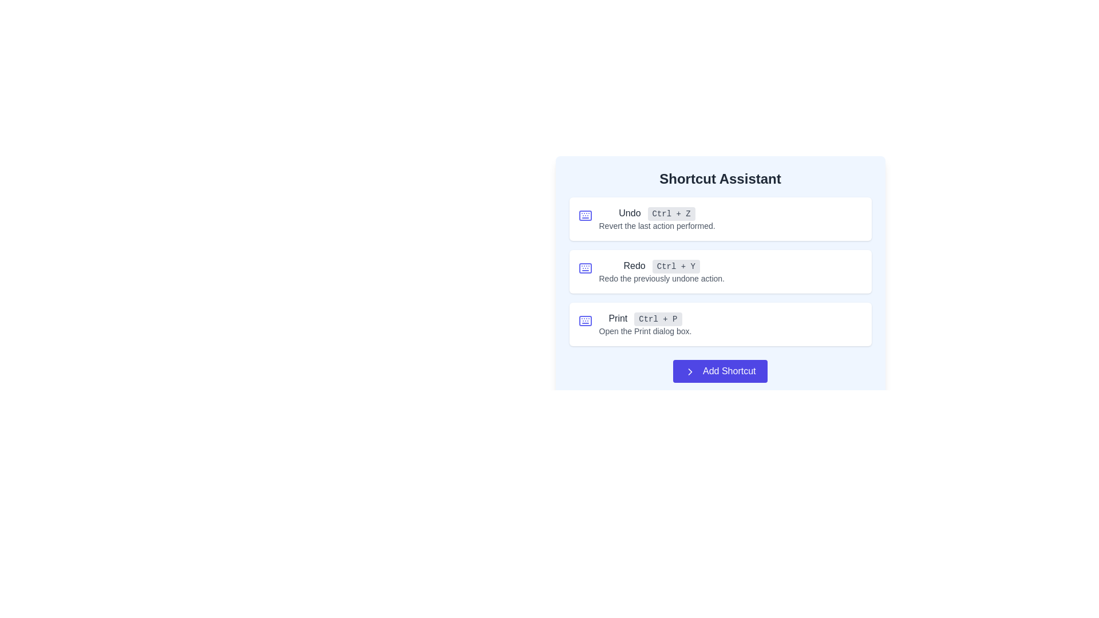 Image resolution: width=1099 pixels, height=618 pixels. What do you see at coordinates (657, 219) in the screenshot?
I see `description of the 'Undo' functionality displayed in the Text Display with Interactive Prompt, which shows the shortcut key combination 'Ctrl + Z' and its purpose 'Revert the last action performed'` at bounding box center [657, 219].